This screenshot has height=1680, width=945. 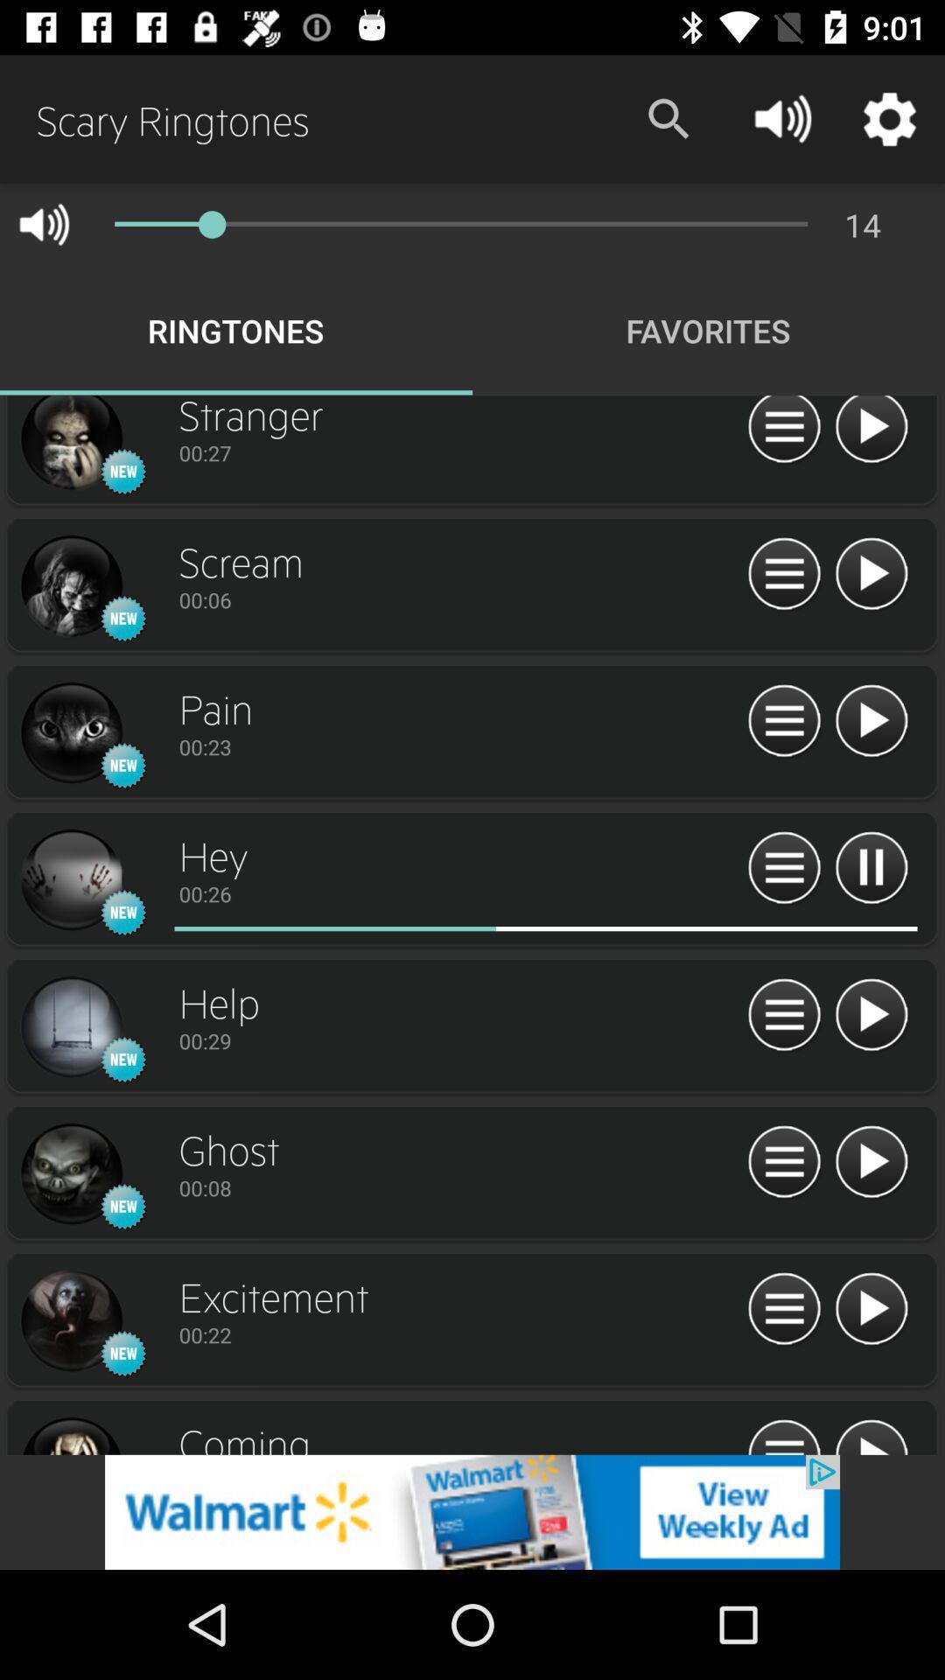 I want to click on song, so click(x=871, y=722).